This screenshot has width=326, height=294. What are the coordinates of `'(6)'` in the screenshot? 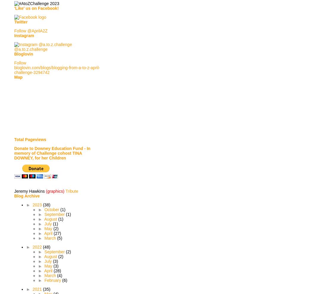 It's located at (64, 280).